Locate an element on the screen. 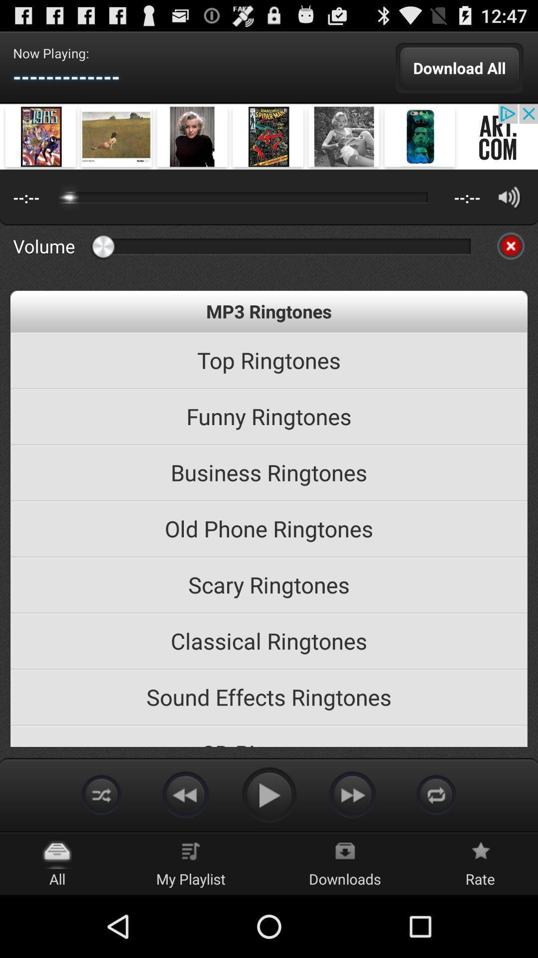  skip ahead is located at coordinates (352, 794).